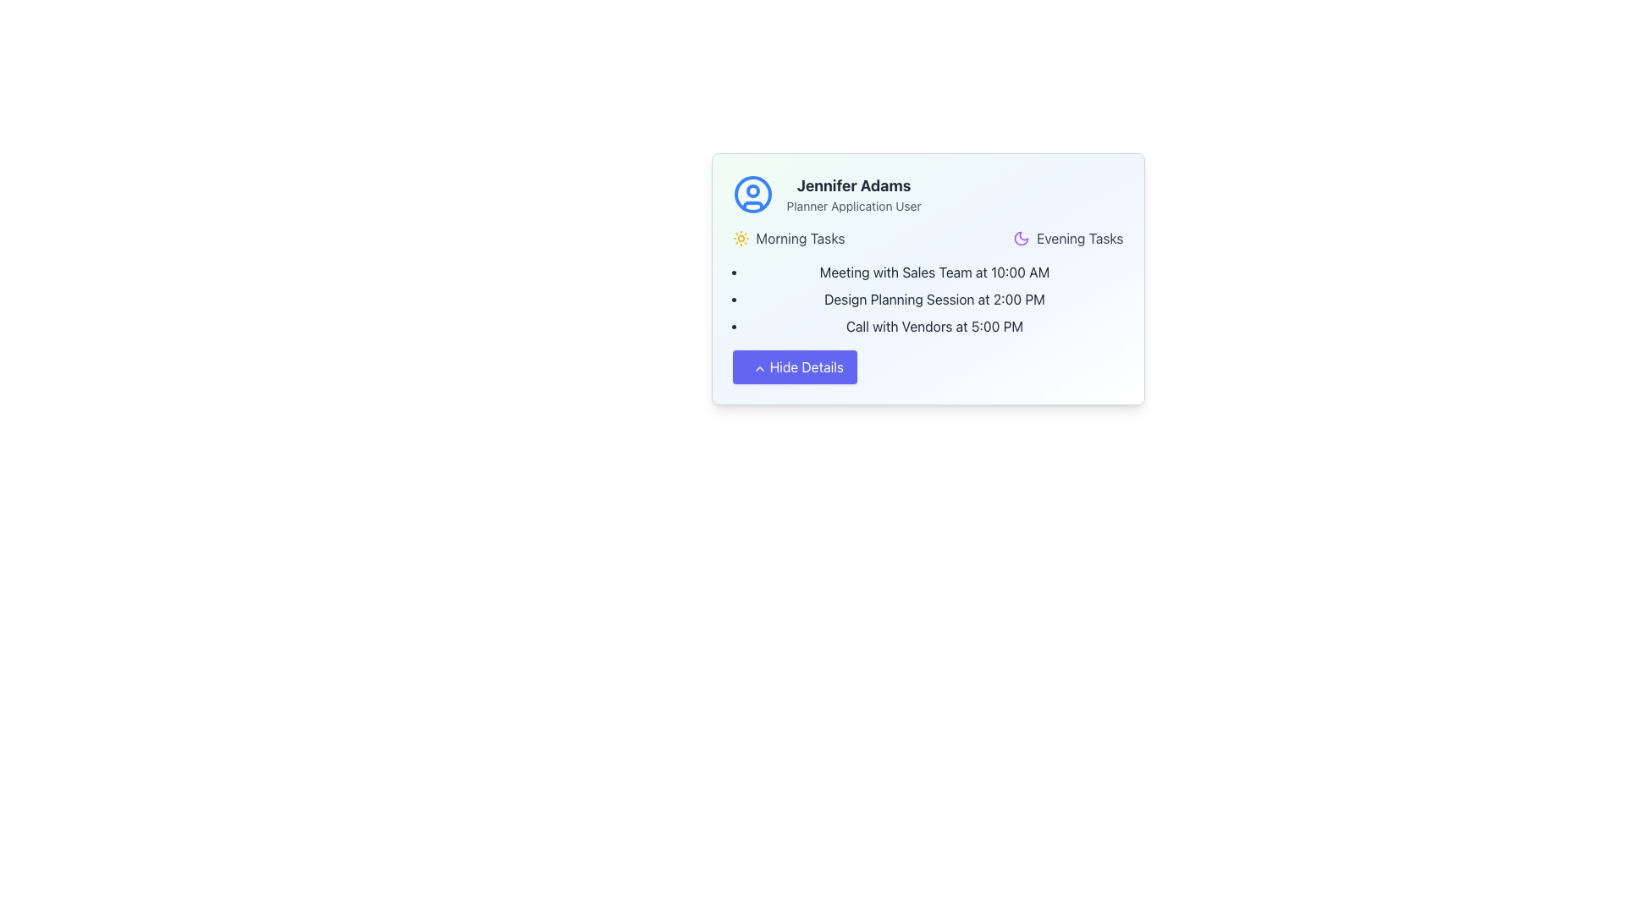 The height and width of the screenshot is (914, 1625). I want to click on the crescent moon-shaped SVG icon with a purple color in the top-right section of the task card interface, which represents the 'Evening Tasks' category, so click(1021, 238).